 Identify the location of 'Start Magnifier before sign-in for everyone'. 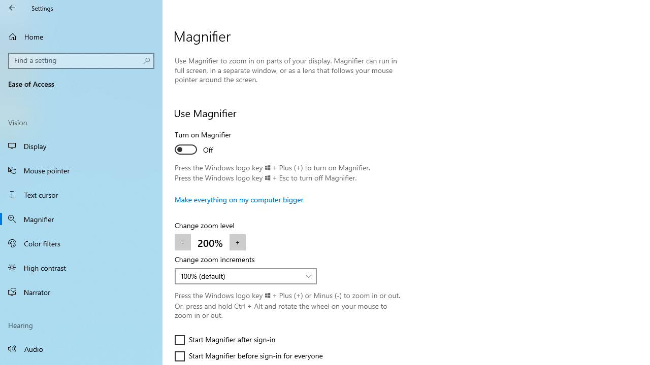
(249, 356).